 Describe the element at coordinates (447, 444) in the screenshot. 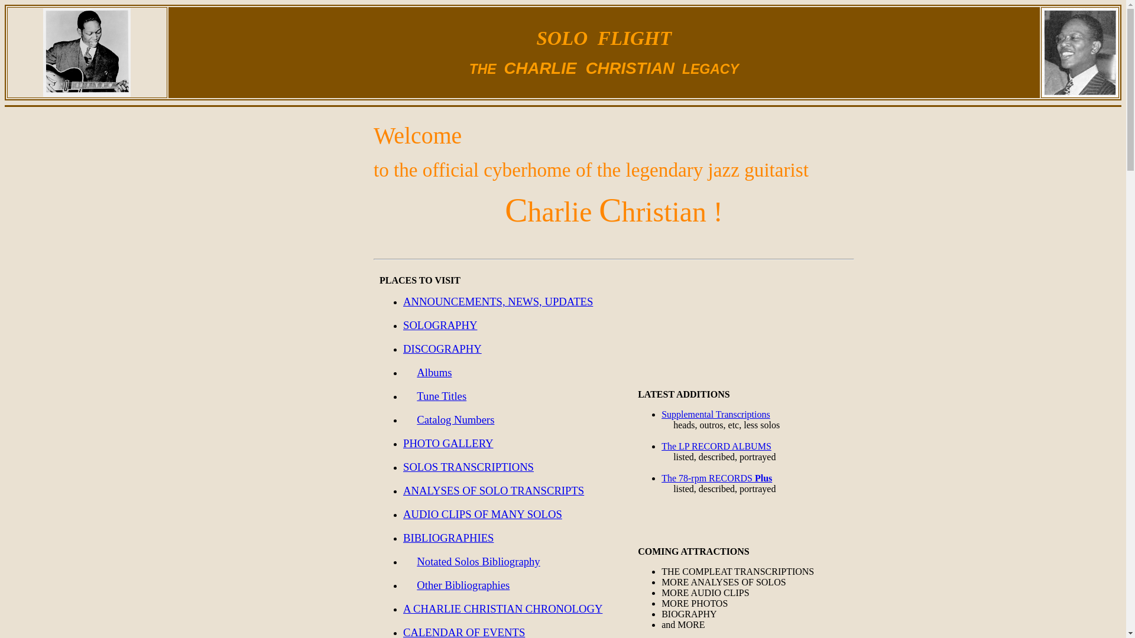

I see `'PHOTO GALLERY'` at that location.